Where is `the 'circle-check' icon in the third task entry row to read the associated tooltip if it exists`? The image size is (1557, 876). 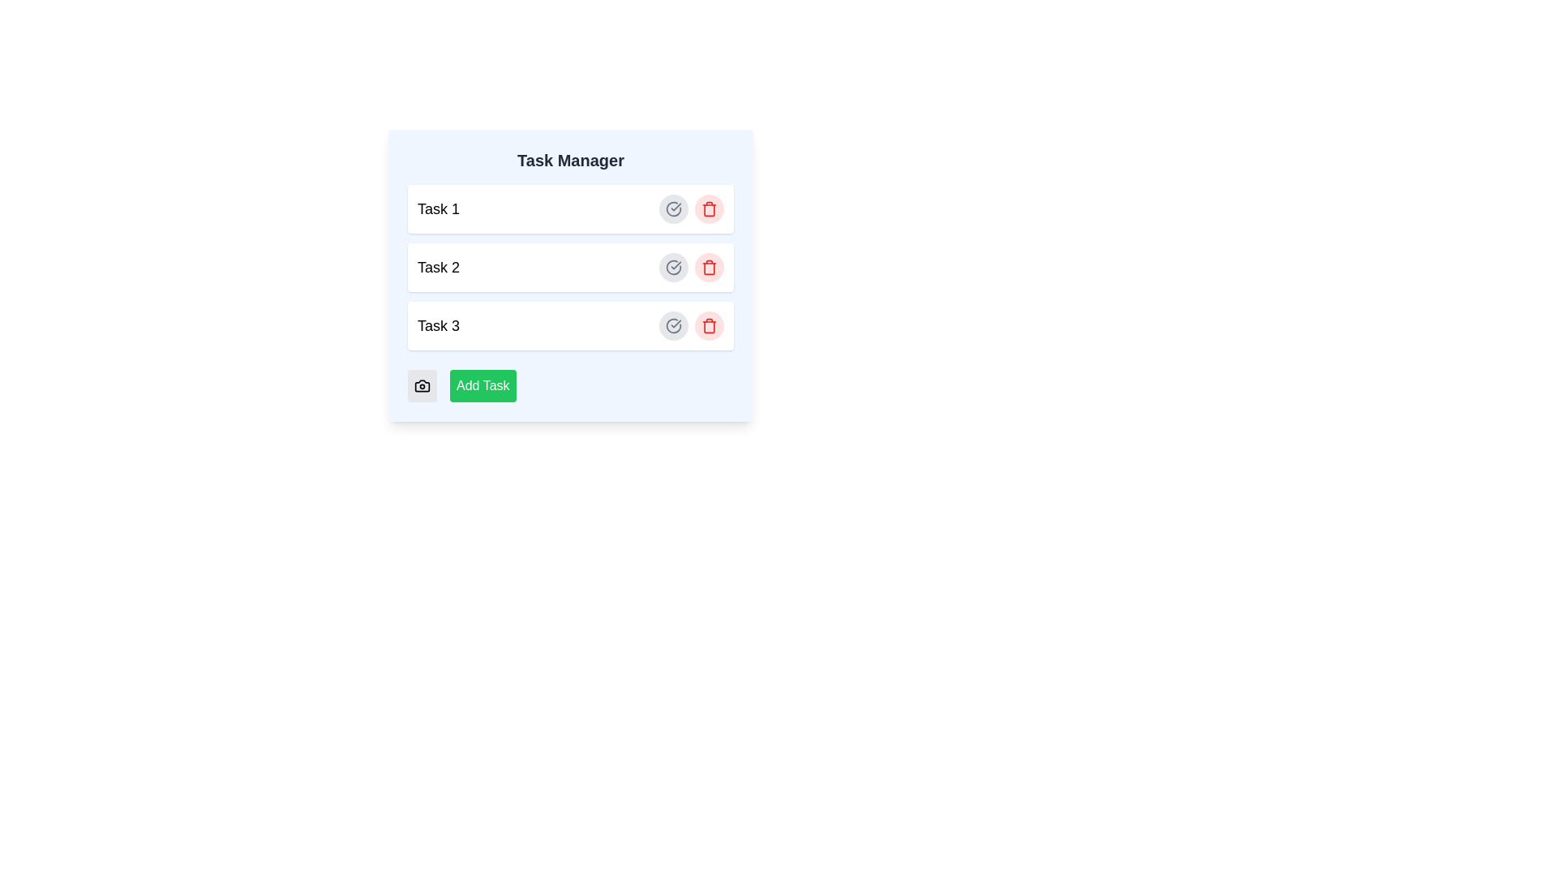
the 'circle-check' icon in the third task entry row to read the associated tooltip if it exists is located at coordinates (673, 325).